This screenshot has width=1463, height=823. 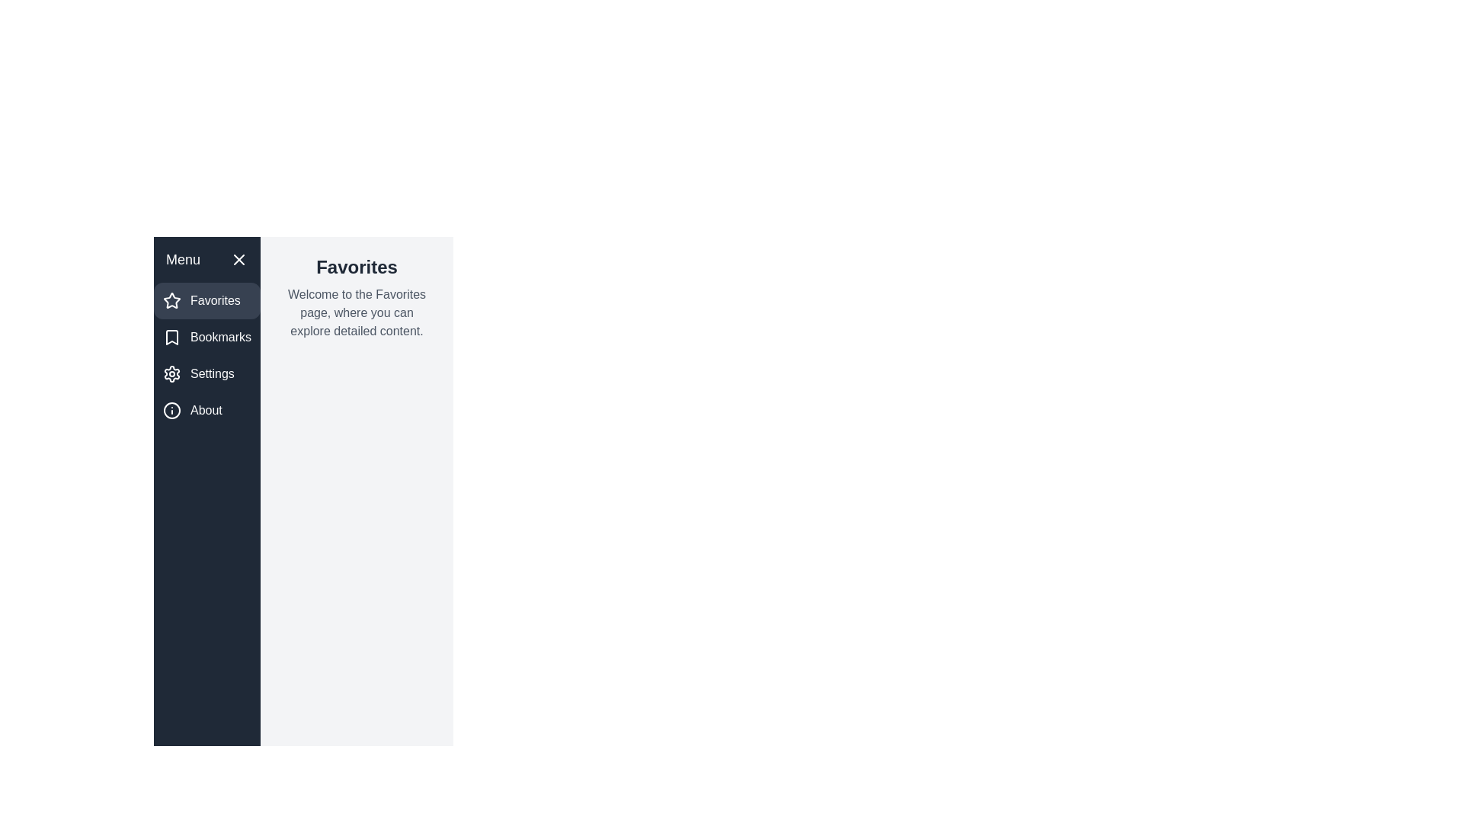 I want to click on the 'Bookmarks' menu item, which is the second option in the vertical menu panel, located directly below 'Favorites' and above 'Settings', so click(x=206, y=337).